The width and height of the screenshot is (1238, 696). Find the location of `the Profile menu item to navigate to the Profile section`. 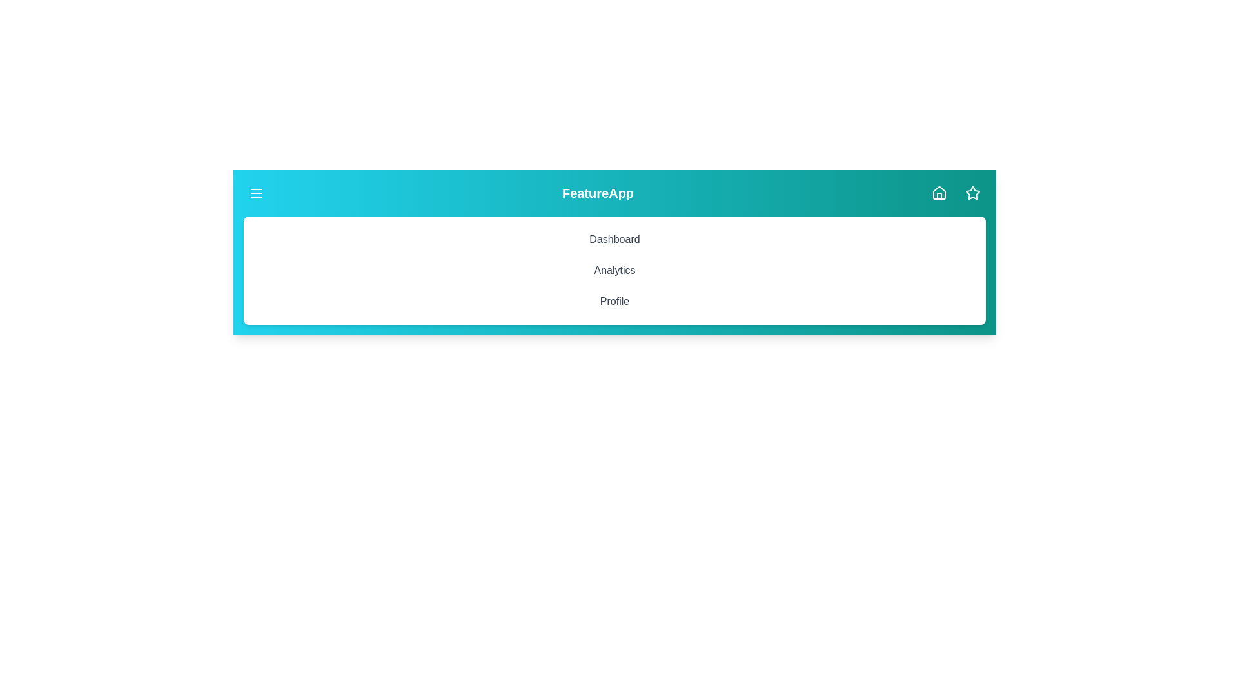

the Profile menu item to navigate to the Profile section is located at coordinates (614, 301).